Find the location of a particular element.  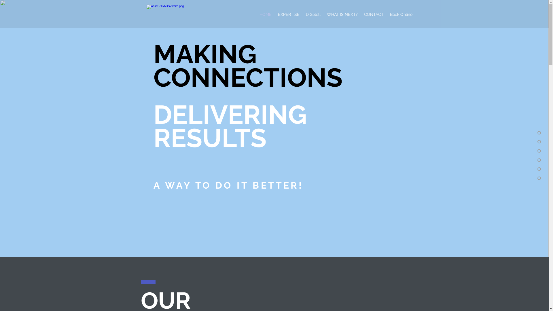

'EXPERTISE' is located at coordinates (289, 14).